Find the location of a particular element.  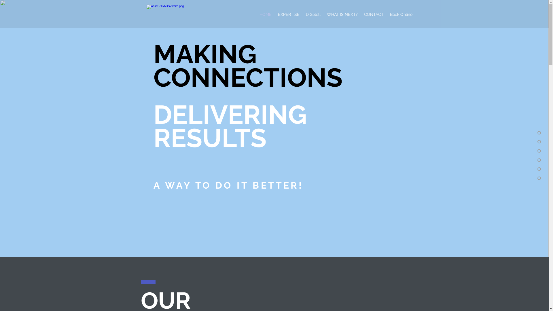

'EXPERTISE' is located at coordinates (289, 14).